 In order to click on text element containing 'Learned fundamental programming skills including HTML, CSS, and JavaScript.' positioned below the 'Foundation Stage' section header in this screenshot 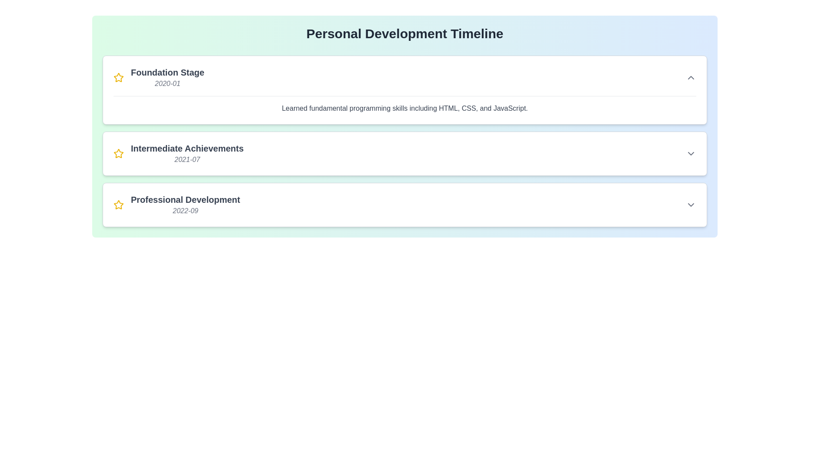, I will do `click(404, 104)`.